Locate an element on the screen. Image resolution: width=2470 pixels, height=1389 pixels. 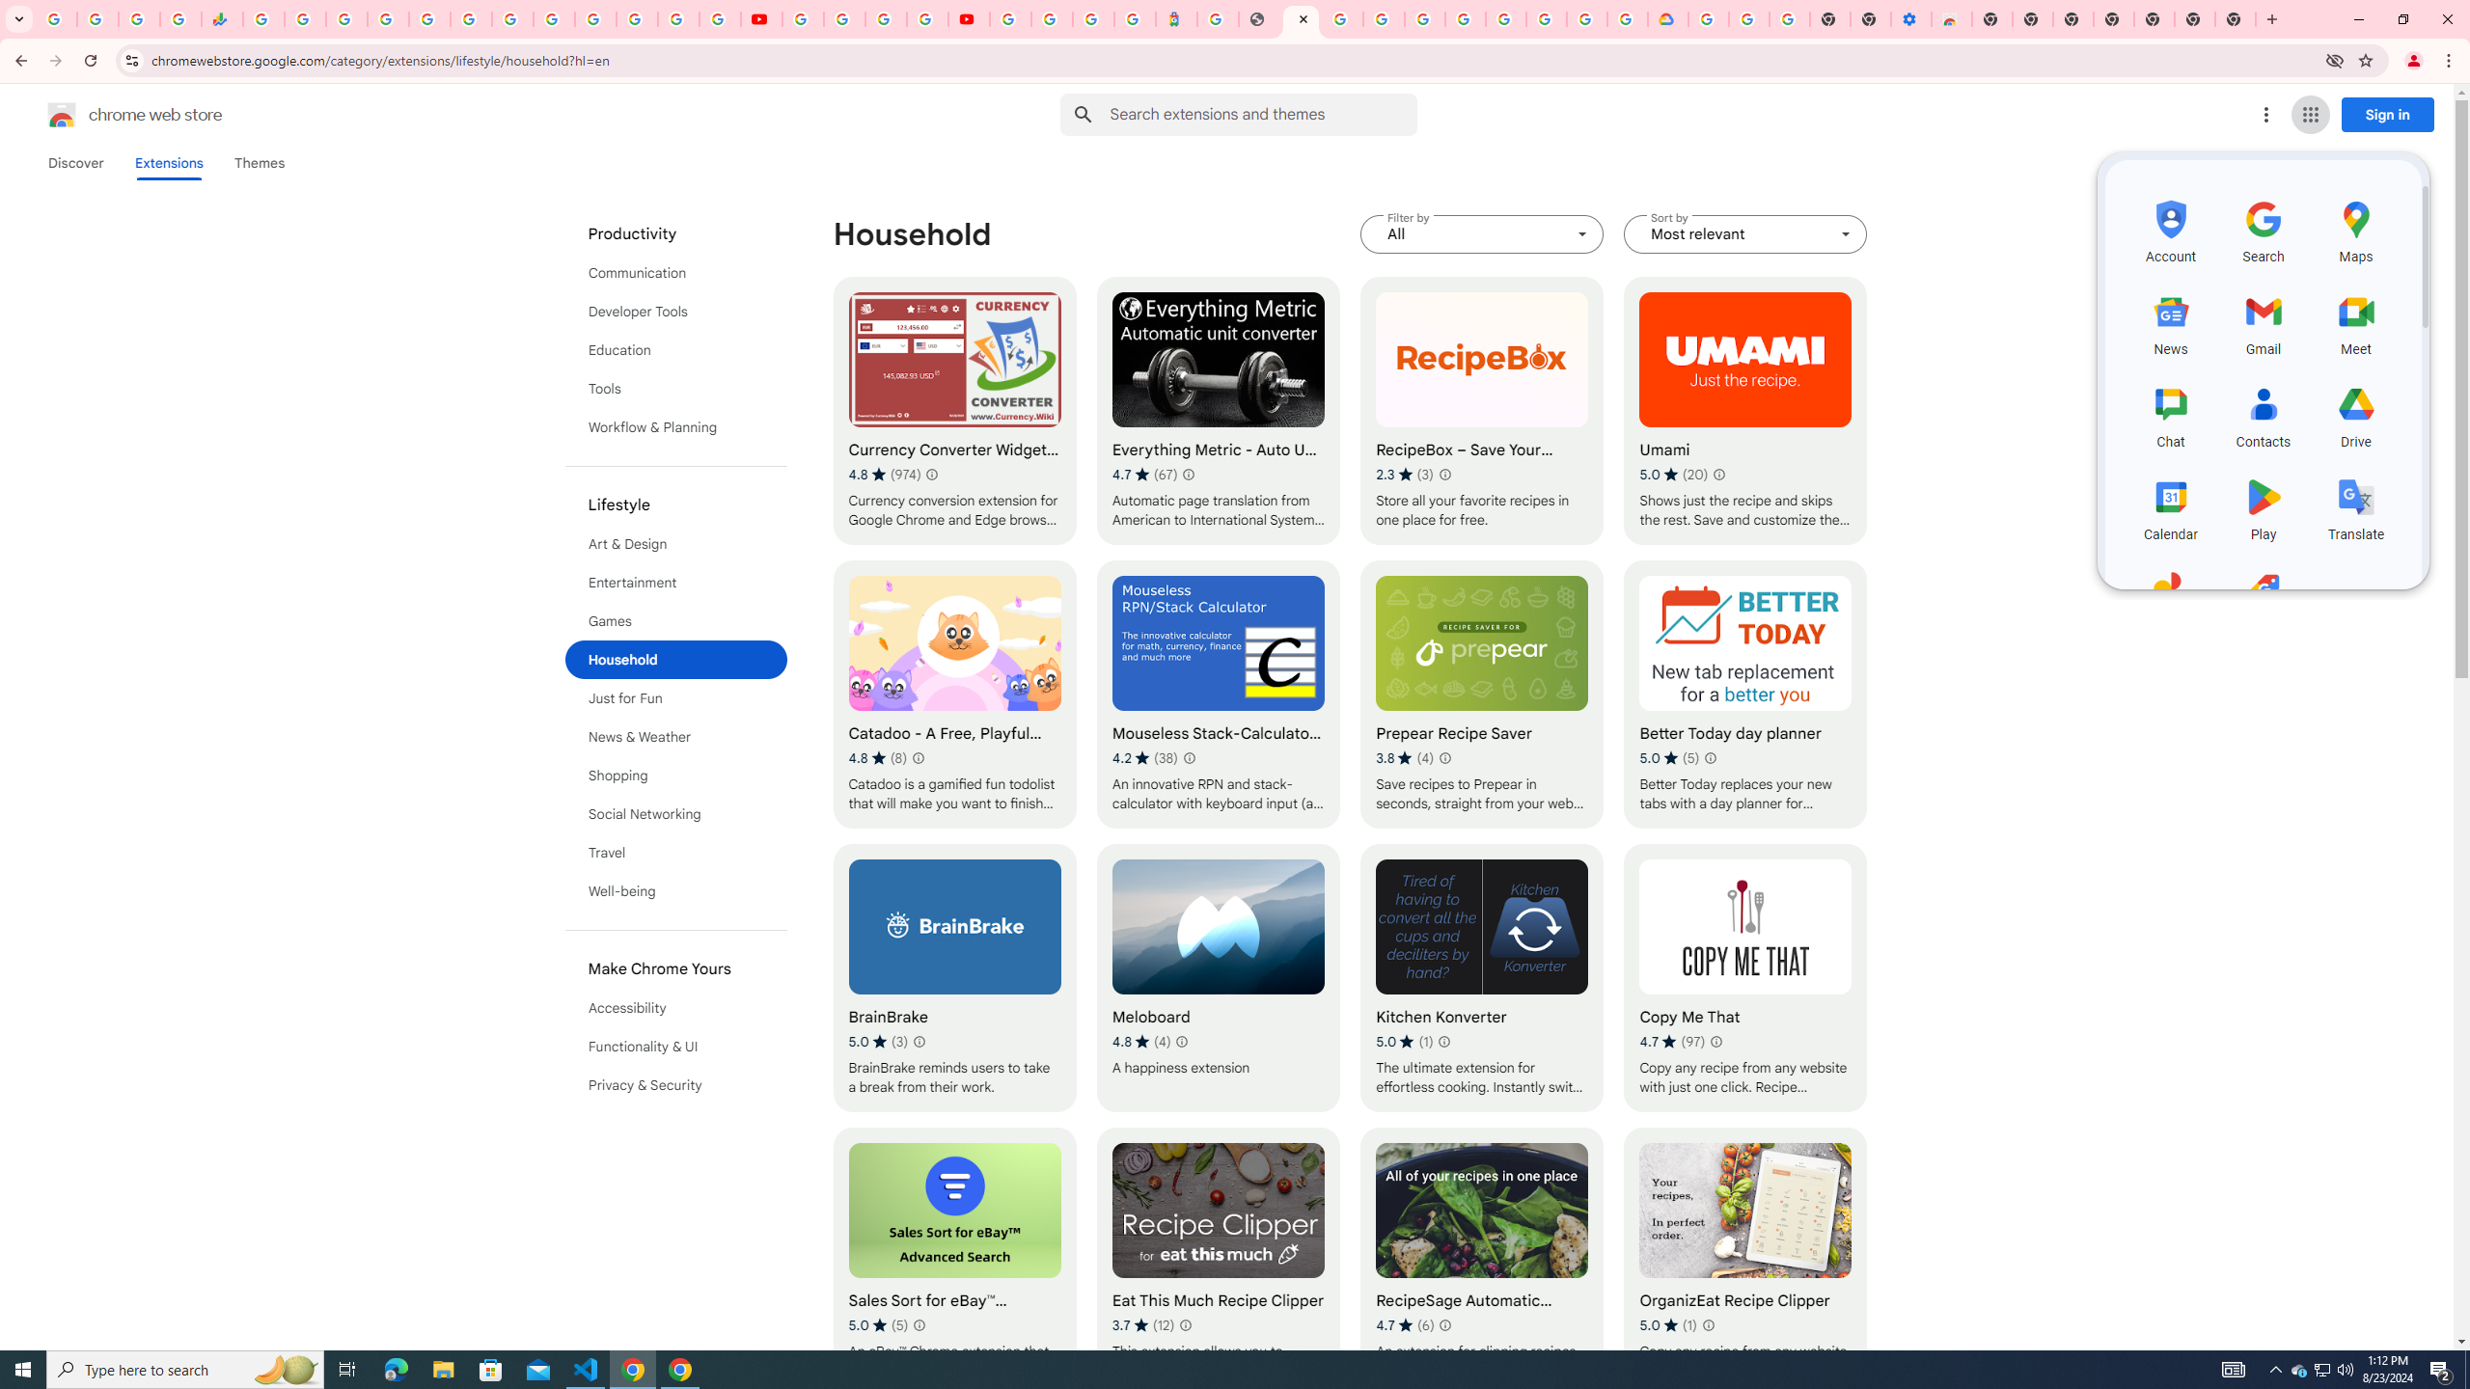
'Discover' is located at coordinates (74, 162).